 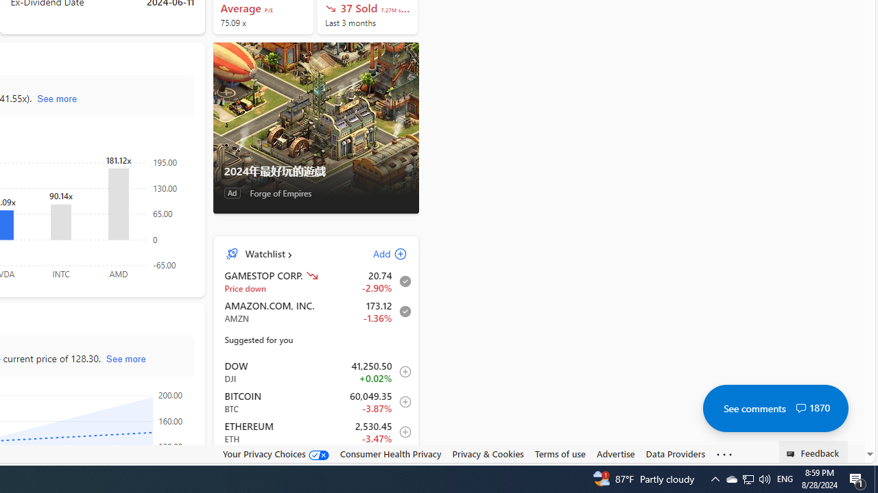 What do you see at coordinates (675, 453) in the screenshot?
I see `'Data Providers'` at bounding box center [675, 453].